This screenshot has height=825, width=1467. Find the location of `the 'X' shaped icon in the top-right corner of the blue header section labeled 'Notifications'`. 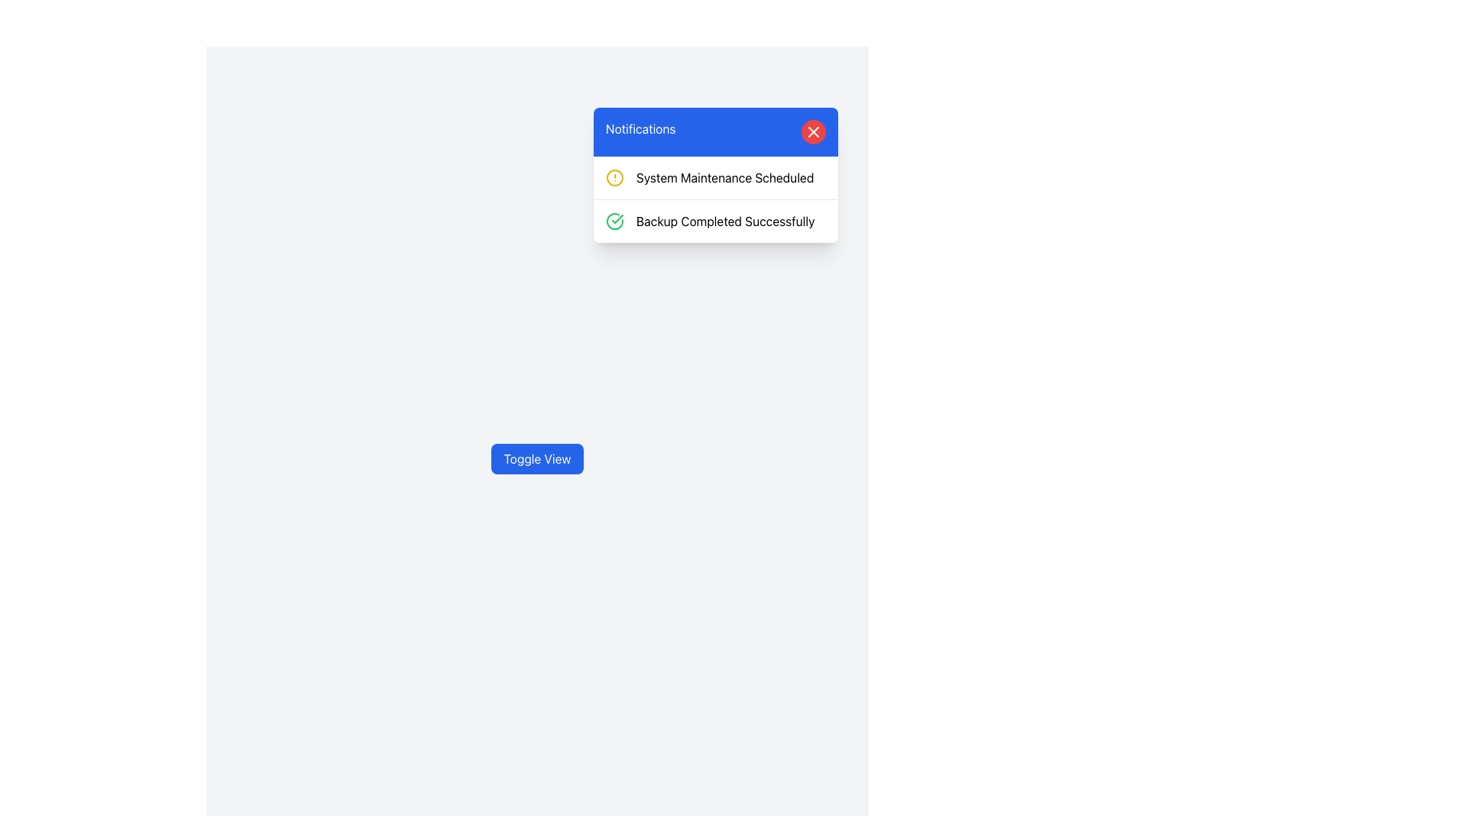

the 'X' shaped icon in the top-right corner of the blue header section labeled 'Notifications' is located at coordinates (813, 131).